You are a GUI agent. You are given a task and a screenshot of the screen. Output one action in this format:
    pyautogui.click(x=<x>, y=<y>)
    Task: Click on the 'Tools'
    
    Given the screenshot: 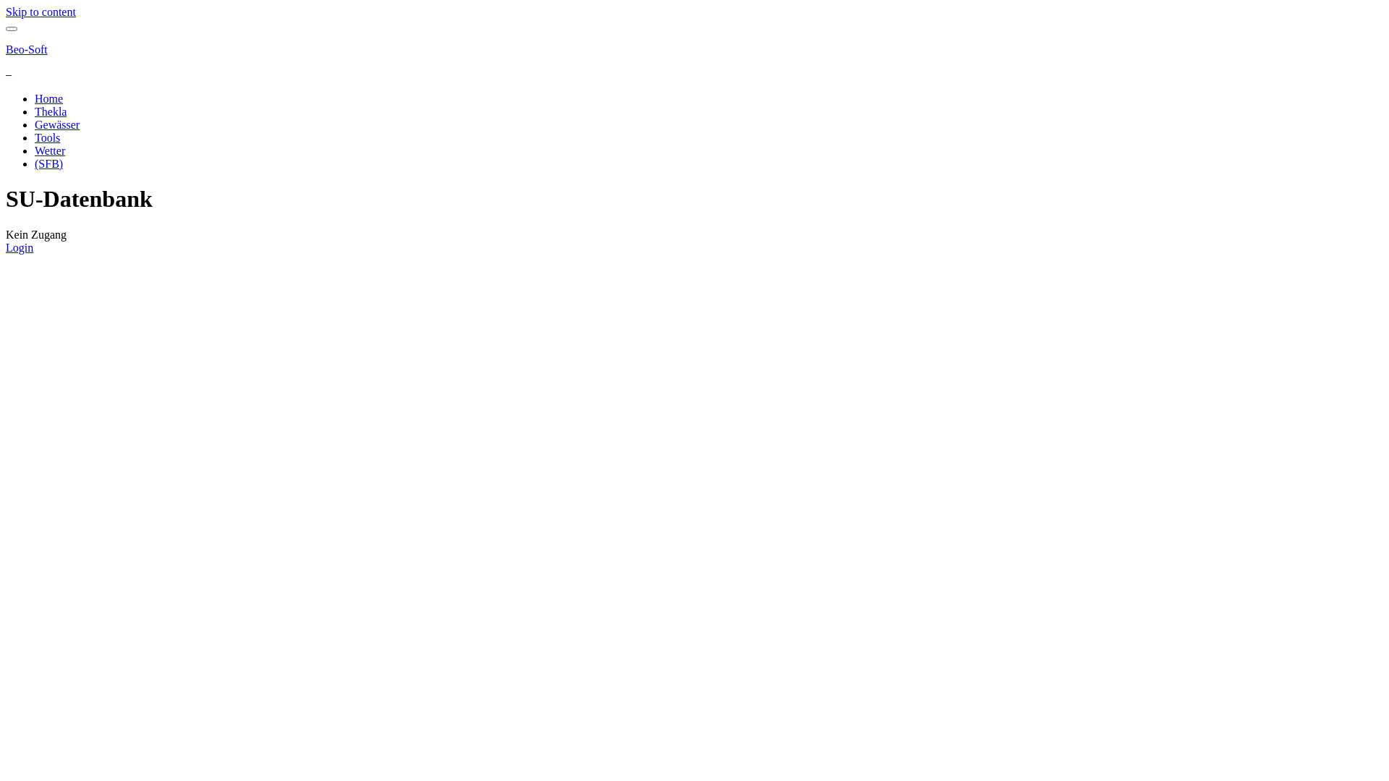 What is the action you would take?
    pyautogui.click(x=47, y=137)
    